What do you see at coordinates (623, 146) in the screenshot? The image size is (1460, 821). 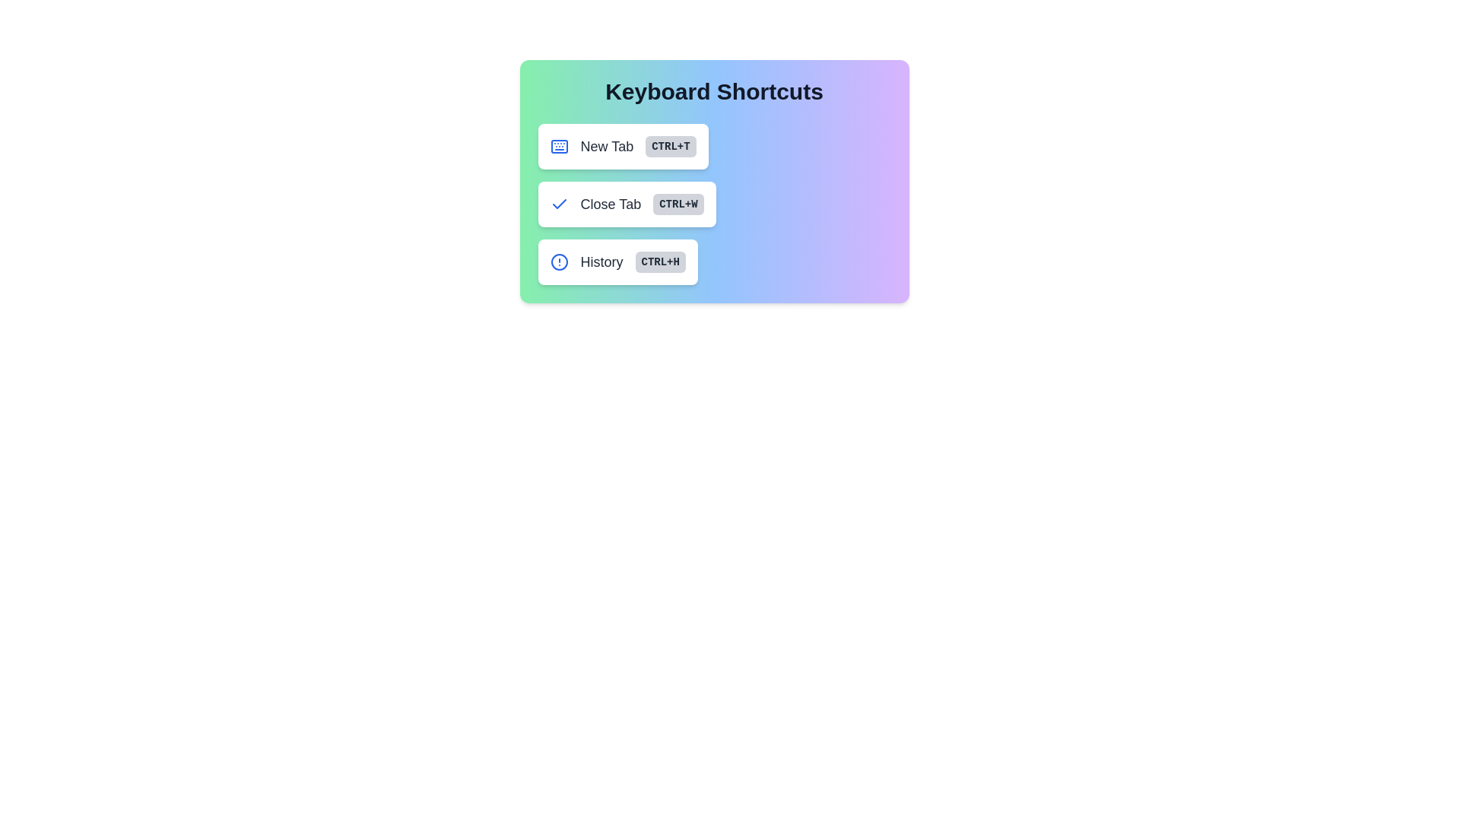 I see `the first button in the vertical list of keyboard shortcuts, which is used` at bounding box center [623, 146].